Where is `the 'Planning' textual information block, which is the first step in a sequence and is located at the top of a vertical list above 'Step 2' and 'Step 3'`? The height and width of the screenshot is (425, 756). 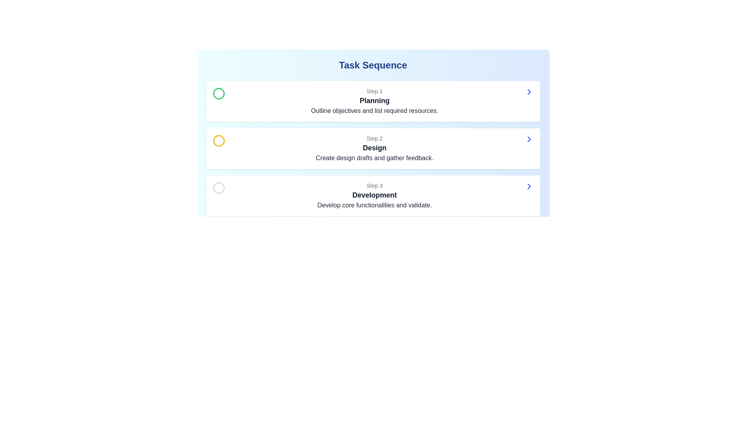 the 'Planning' textual information block, which is the first step in a sequence and is located at the top of a vertical list above 'Step 2' and 'Step 3' is located at coordinates (374, 101).